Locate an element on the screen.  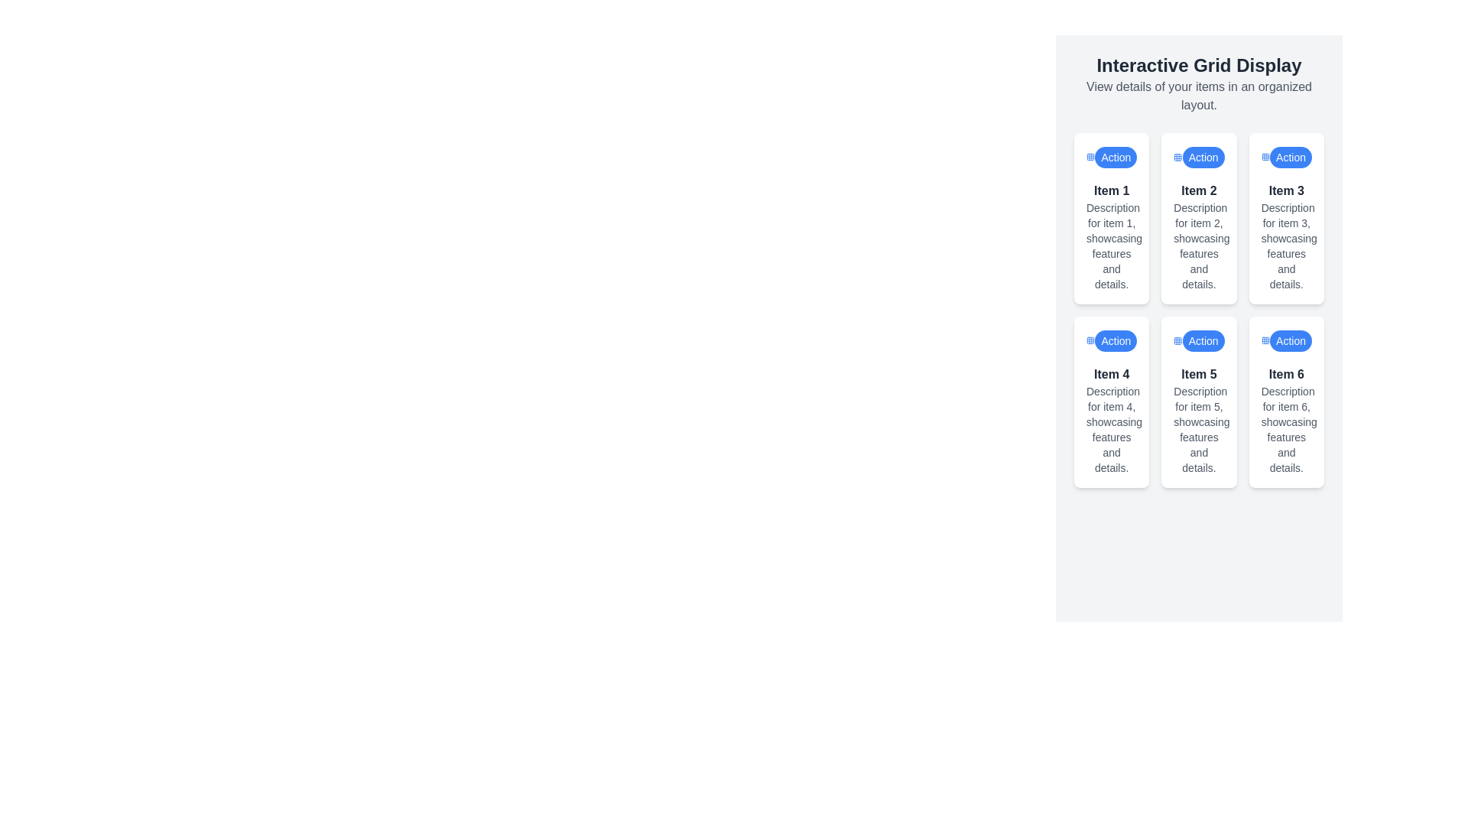
the button located in the top-left corner of the first card in the grid layout, above the heading 'Item 1' is located at coordinates (1112, 157).